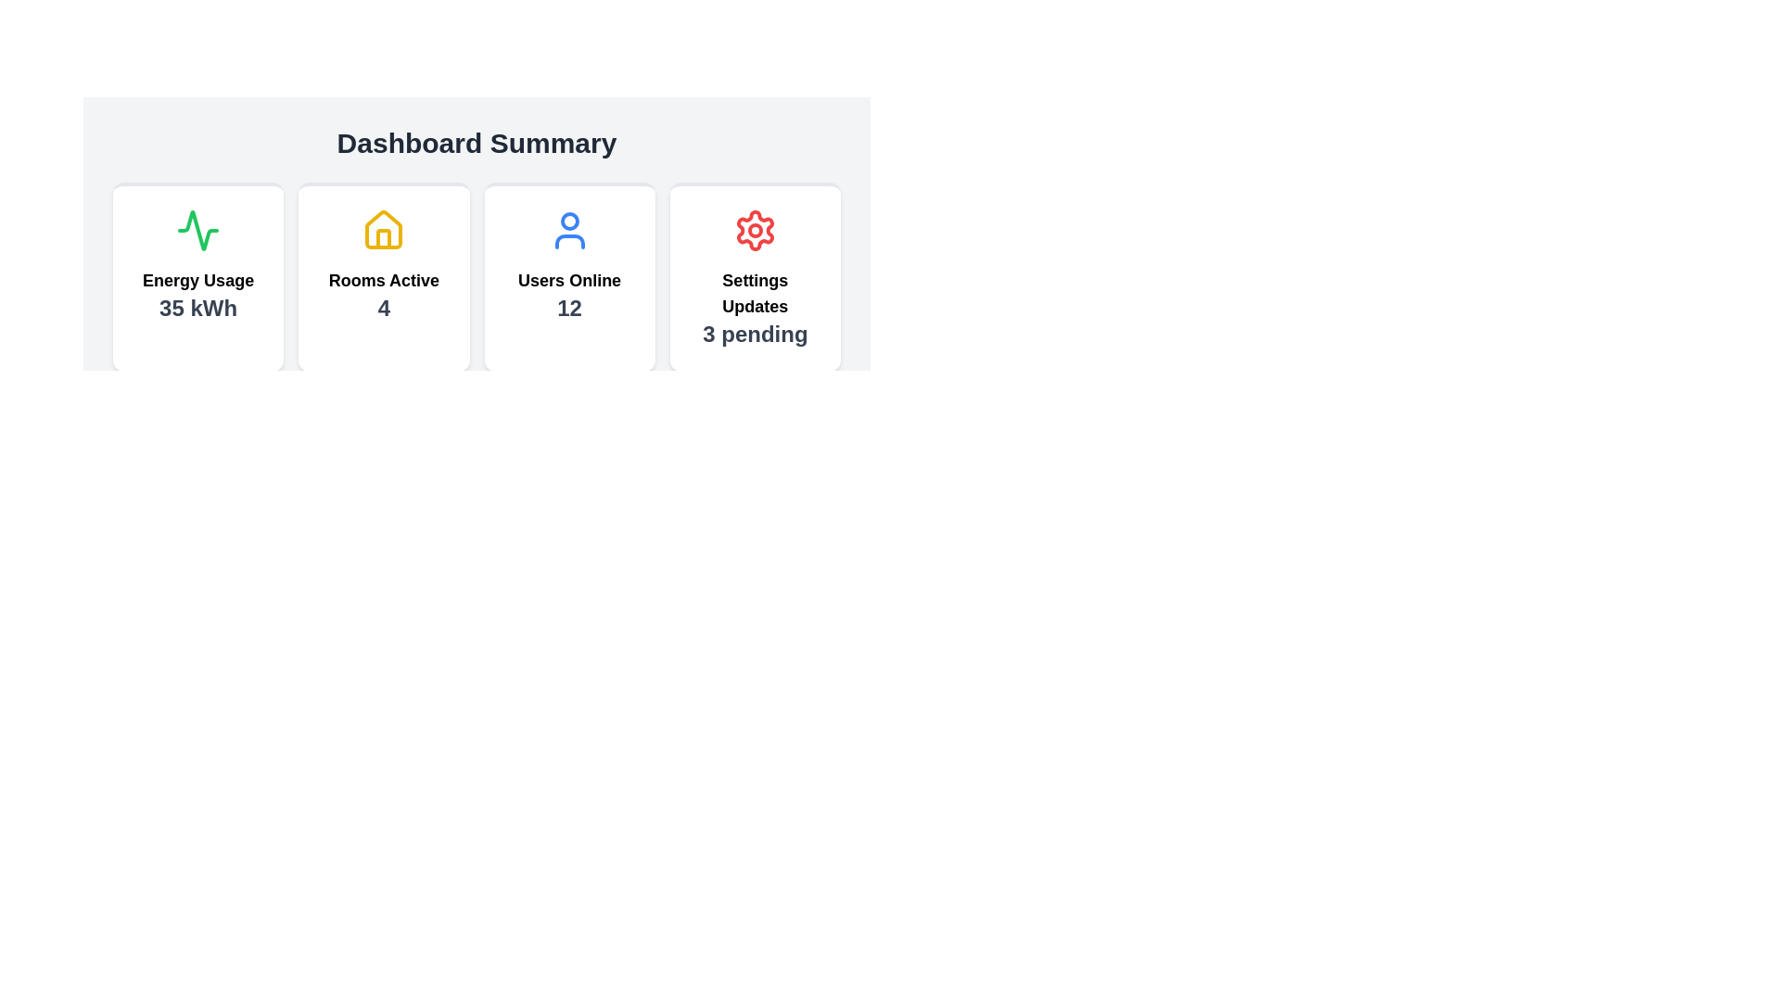  Describe the element at coordinates (383, 230) in the screenshot. I see `the house icon representing the 'Rooms Active' metric, which is the first element inside the second card from the left in the row of summary cards` at that location.